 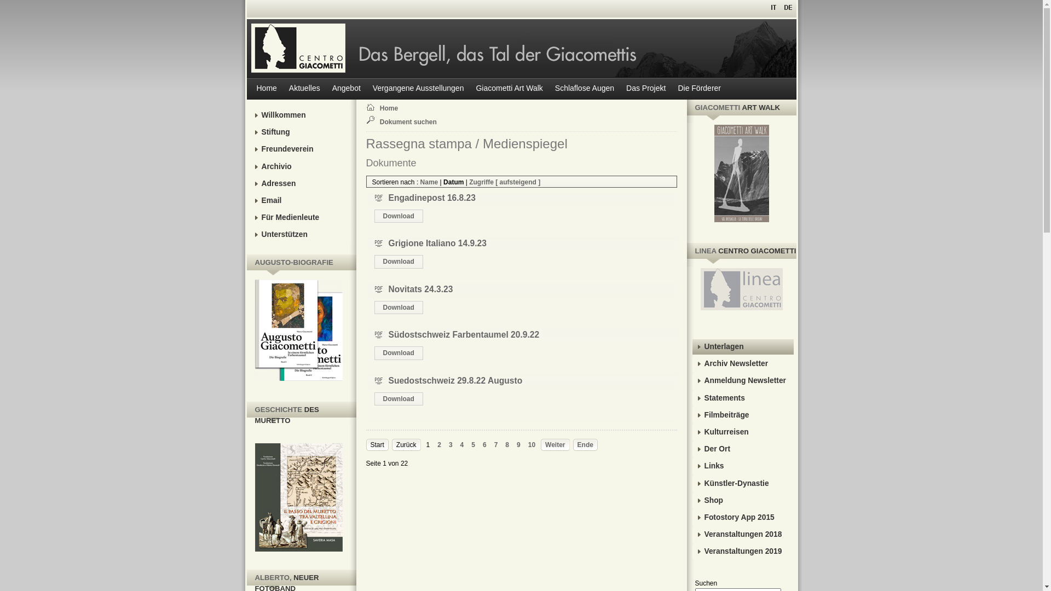 I want to click on '8', so click(x=504, y=445).